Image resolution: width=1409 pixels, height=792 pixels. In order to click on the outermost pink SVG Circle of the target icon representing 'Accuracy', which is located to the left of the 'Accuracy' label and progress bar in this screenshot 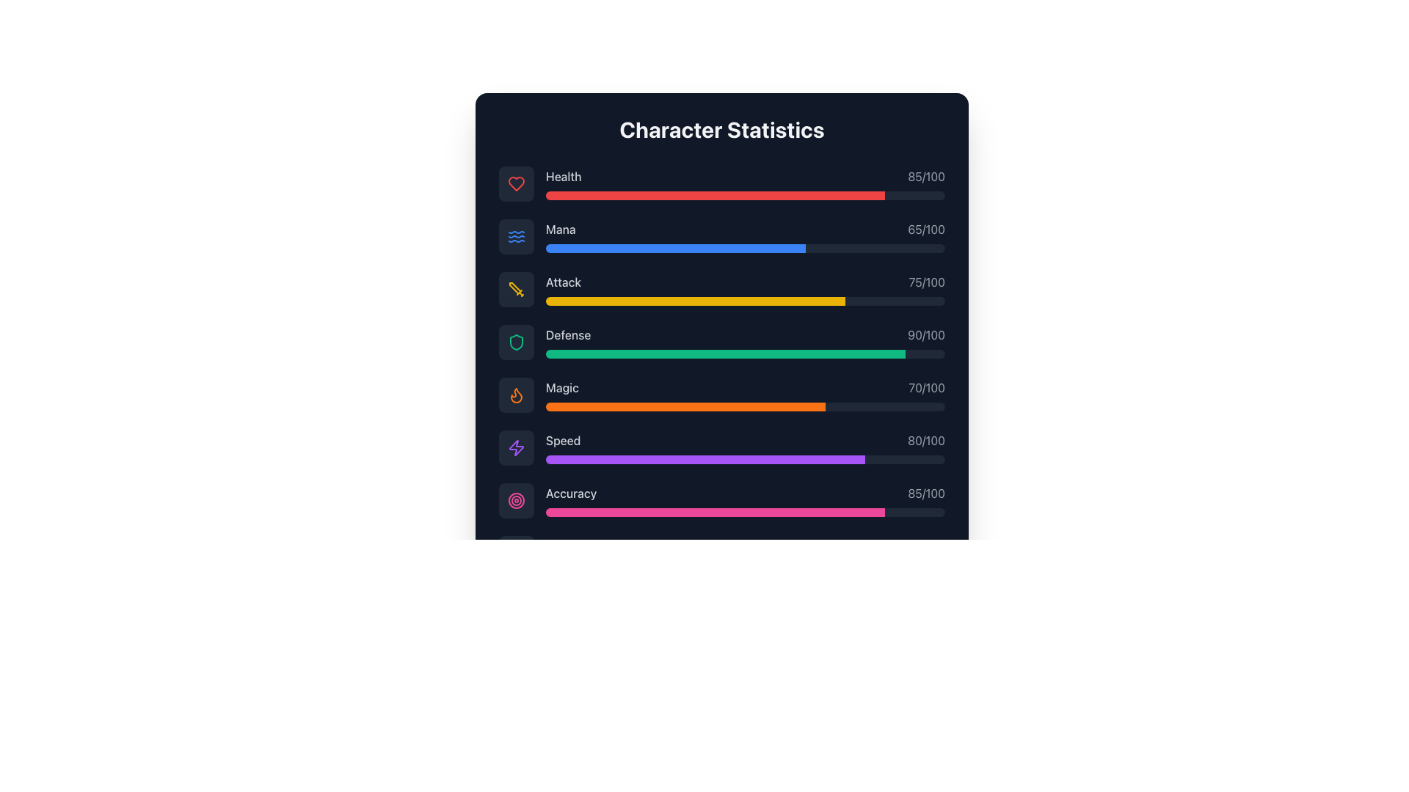, I will do `click(517, 499)`.